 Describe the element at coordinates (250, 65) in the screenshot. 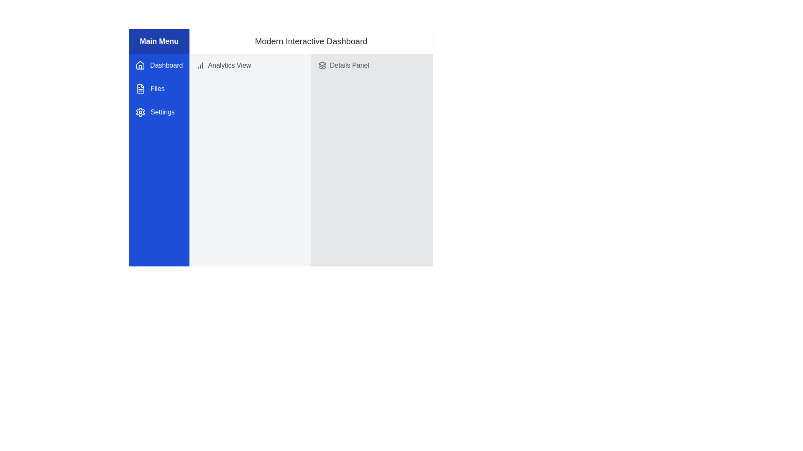

I see `the 'Analytics View' text with a bar chart icon located in the left panel just below the 'Main Menu' header` at that location.